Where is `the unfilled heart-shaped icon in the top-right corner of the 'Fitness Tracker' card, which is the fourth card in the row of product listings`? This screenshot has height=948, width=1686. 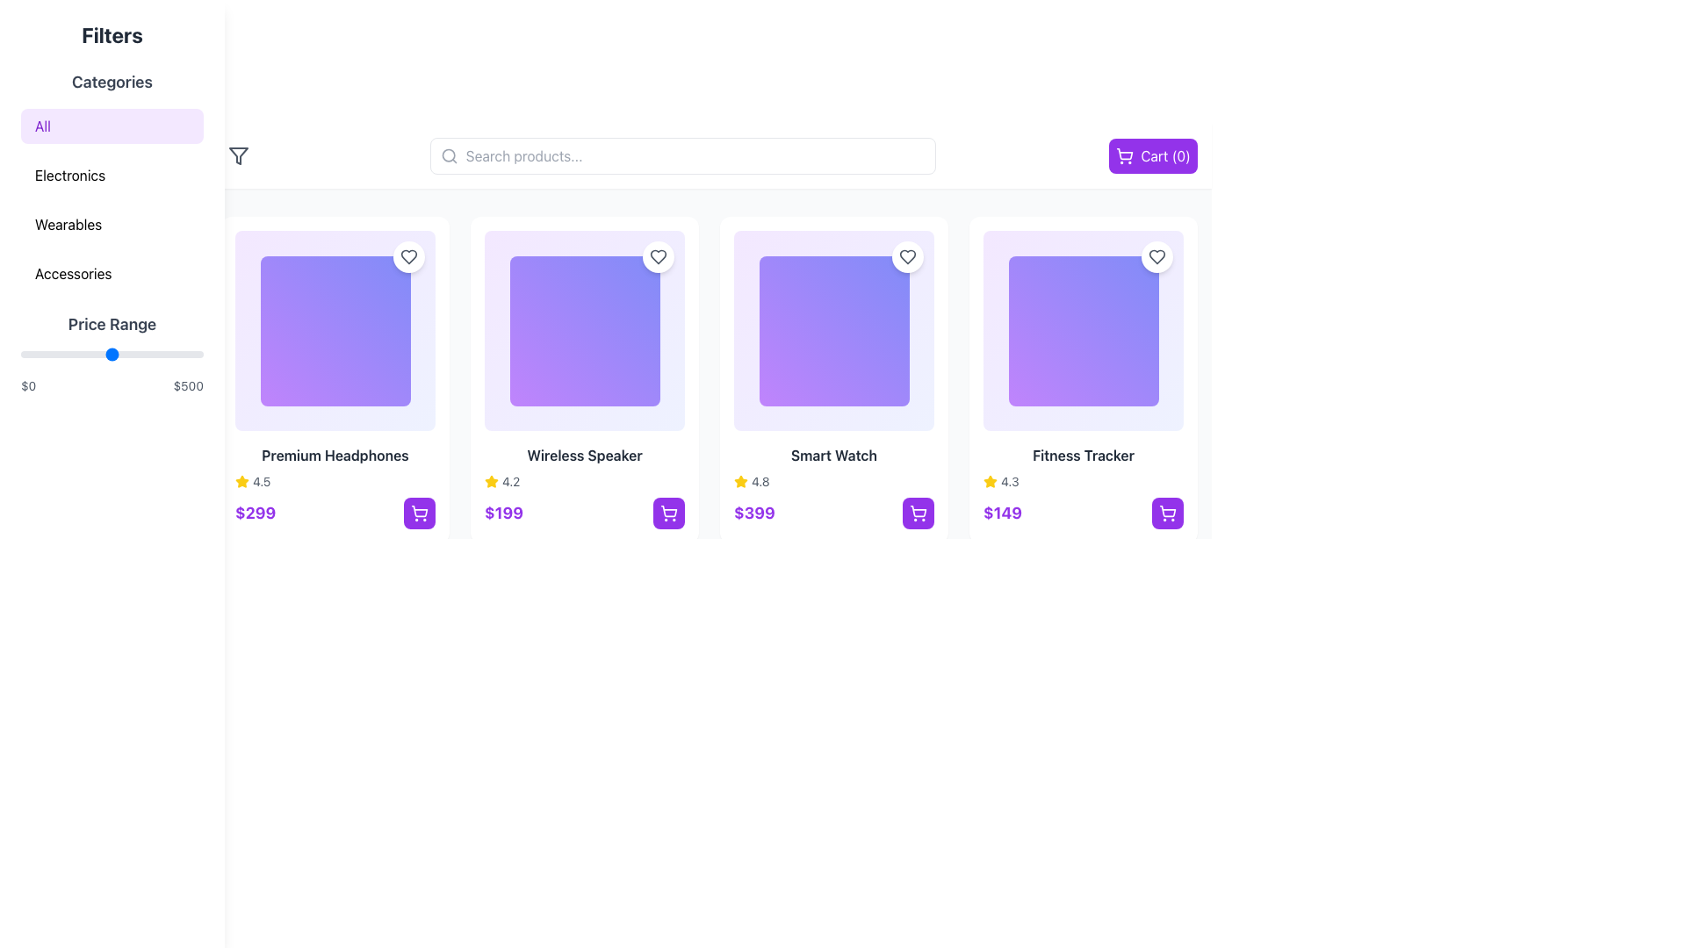
the unfilled heart-shaped icon in the top-right corner of the 'Fitness Tracker' card, which is the fourth card in the row of product listings is located at coordinates (1157, 257).